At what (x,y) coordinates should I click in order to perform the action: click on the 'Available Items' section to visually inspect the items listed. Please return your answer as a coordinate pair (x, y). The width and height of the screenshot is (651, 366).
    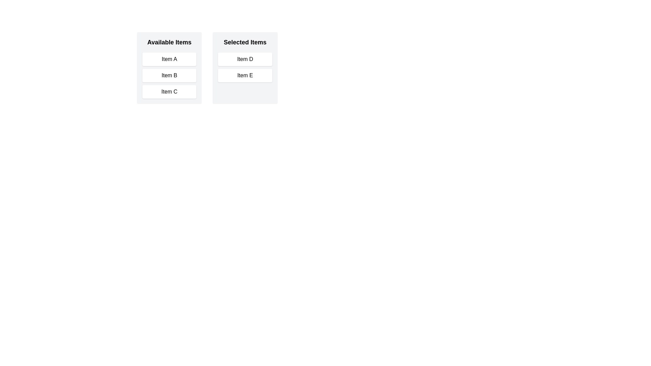
    Looking at the image, I should click on (169, 68).